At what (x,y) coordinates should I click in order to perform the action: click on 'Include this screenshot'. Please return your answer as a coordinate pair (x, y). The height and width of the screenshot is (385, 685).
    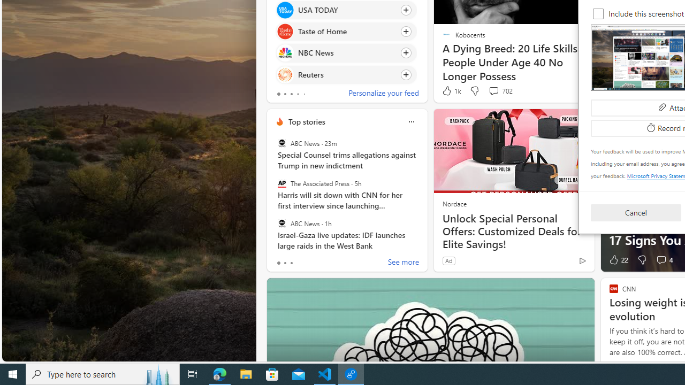
    Looking at the image, I should click on (598, 13).